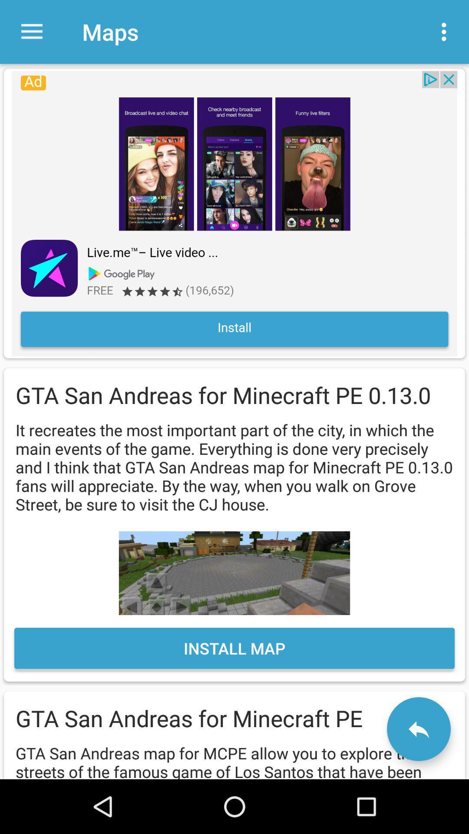 This screenshot has height=834, width=469. What do you see at coordinates (418, 729) in the screenshot?
I see `go next` at bounding box center [418, 729].